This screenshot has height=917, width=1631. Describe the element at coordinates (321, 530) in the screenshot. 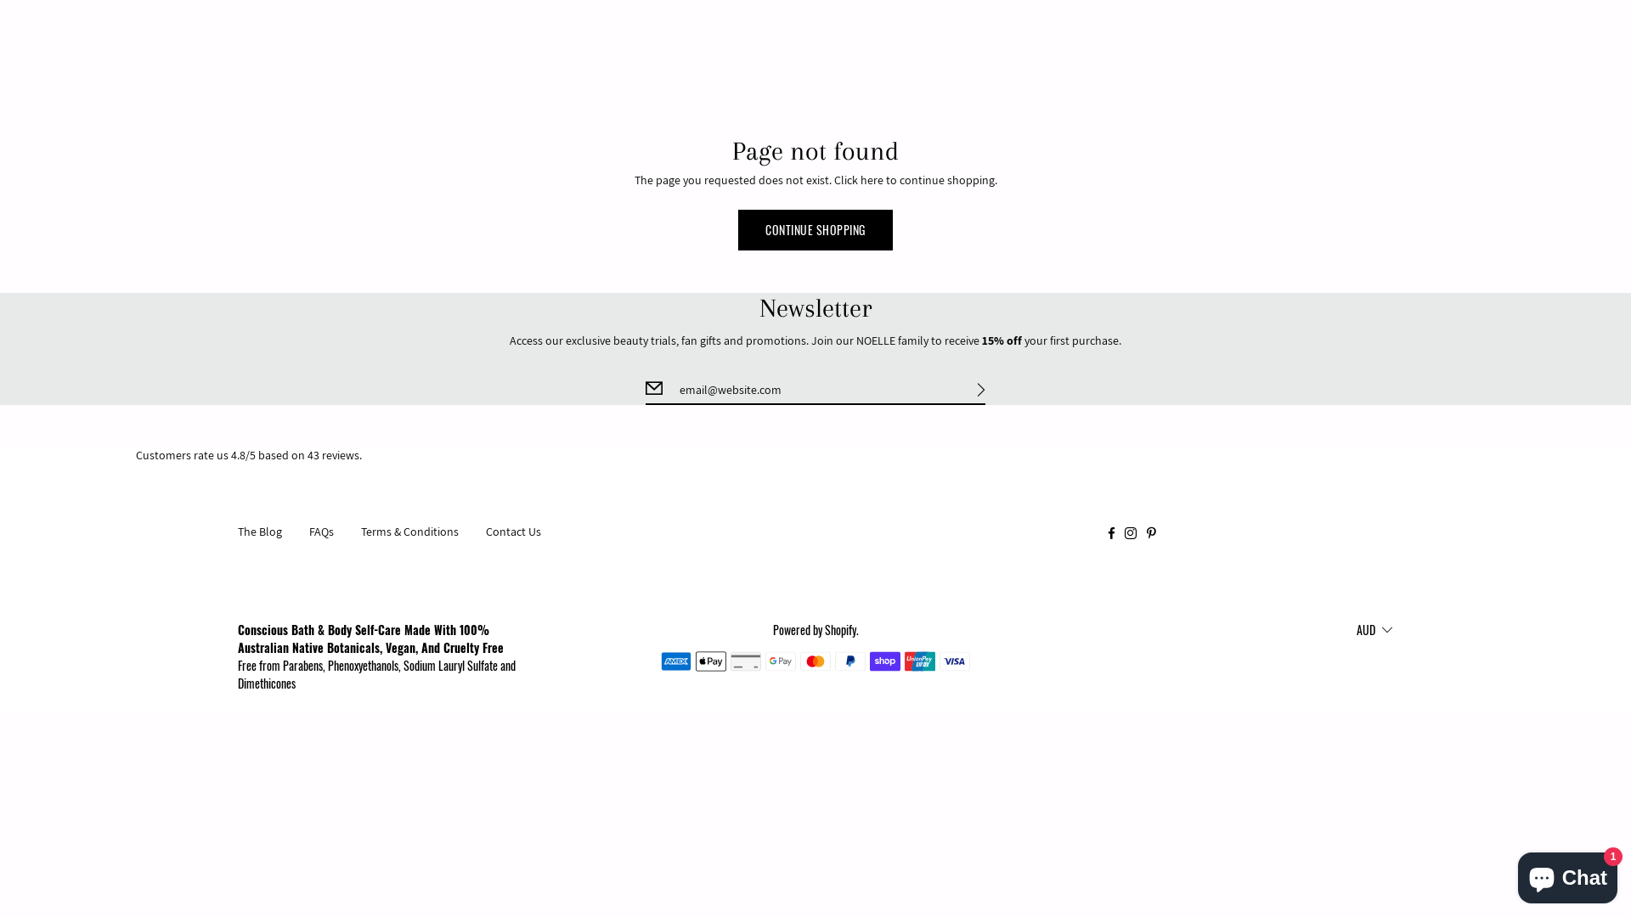

I see `'FAQs'` at that location.